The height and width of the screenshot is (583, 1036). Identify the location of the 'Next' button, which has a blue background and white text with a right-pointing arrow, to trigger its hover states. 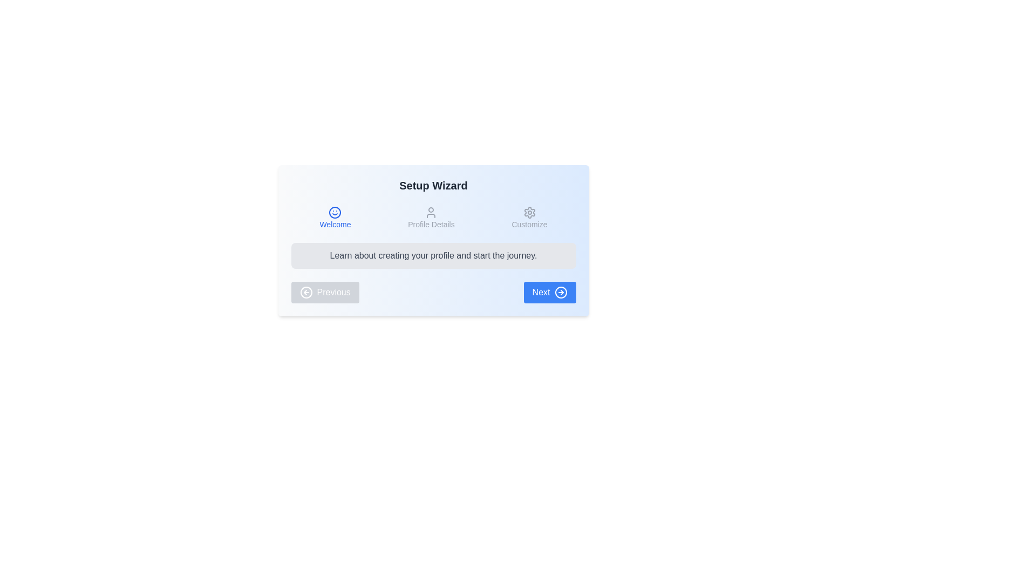
(550, 293).